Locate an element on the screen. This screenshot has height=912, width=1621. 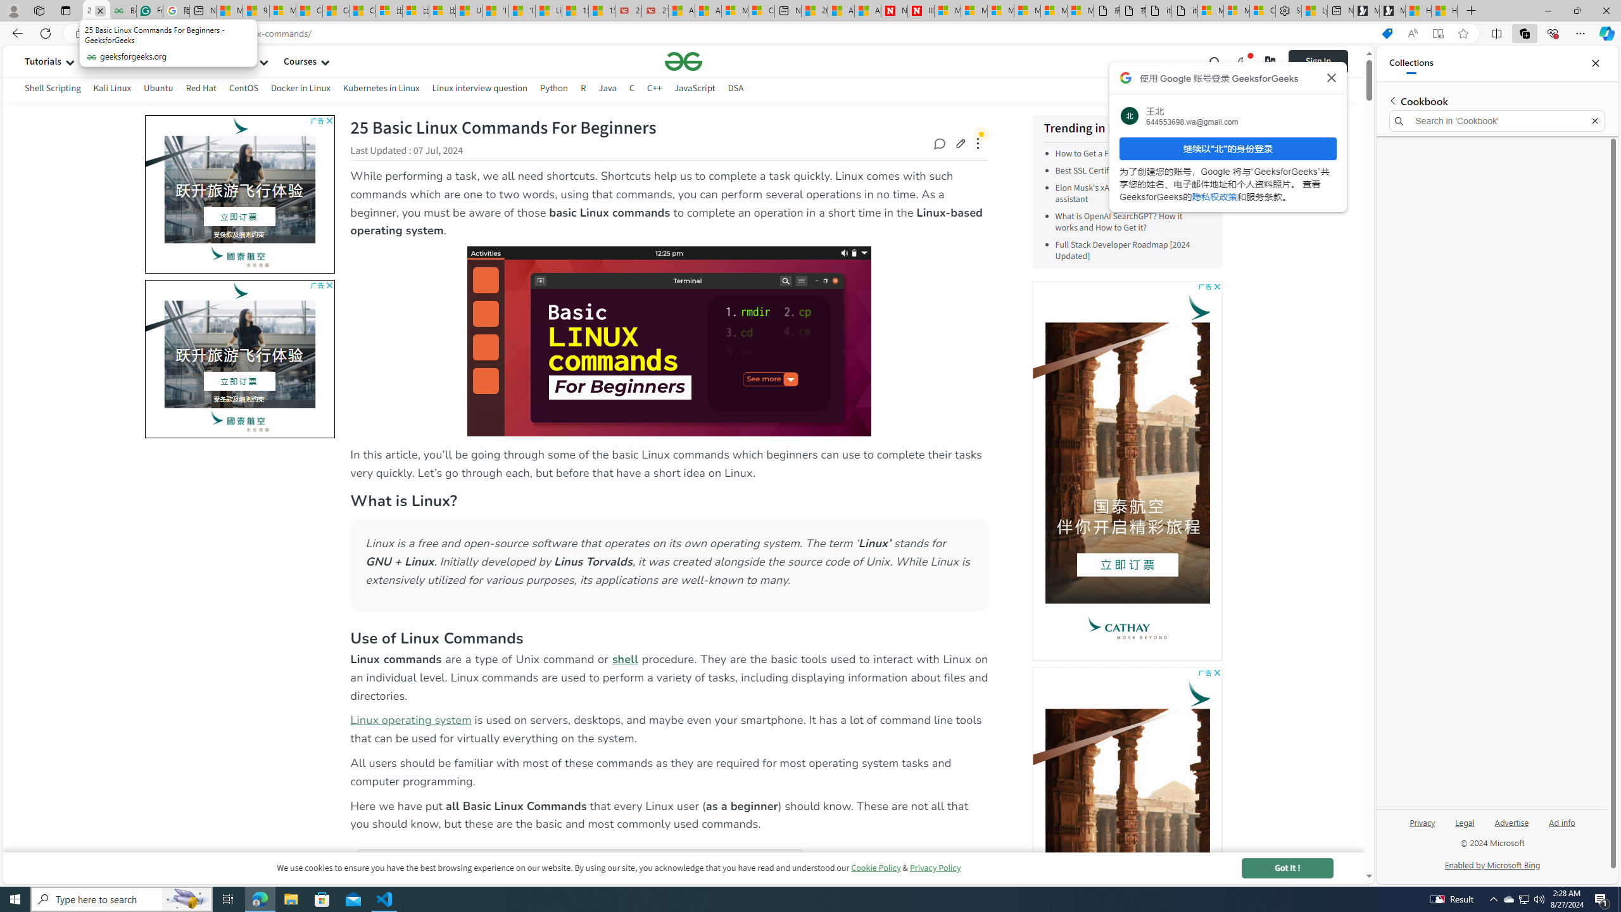
'itconcepthk.com/projector_solutions.mp4' is located at coordinates (1185, 10).